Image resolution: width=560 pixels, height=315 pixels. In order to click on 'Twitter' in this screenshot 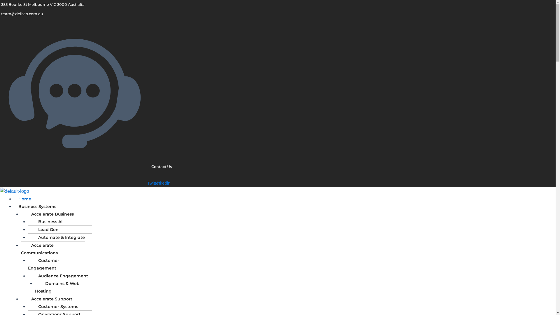, I will do `click(154, 183)`.